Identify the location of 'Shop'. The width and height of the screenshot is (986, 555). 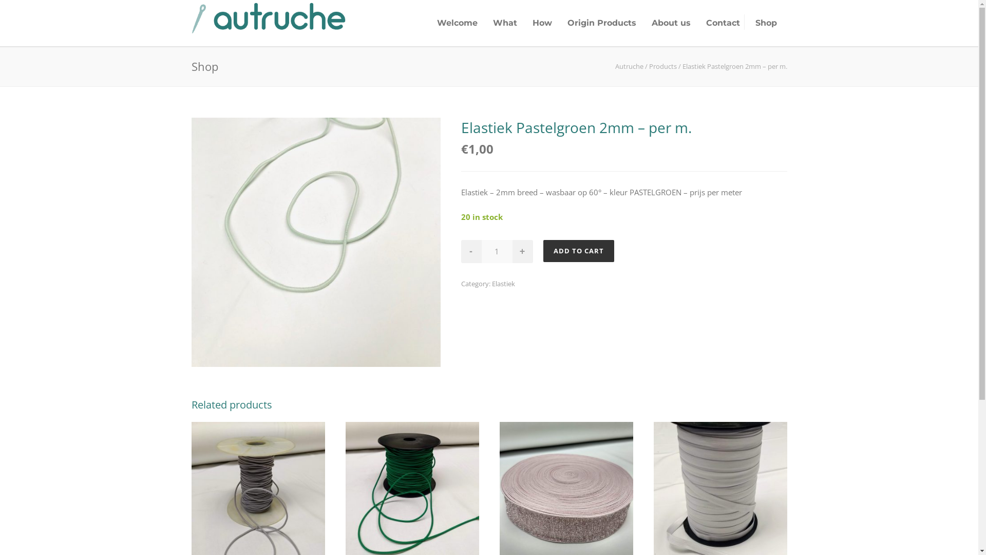
(766, 23).